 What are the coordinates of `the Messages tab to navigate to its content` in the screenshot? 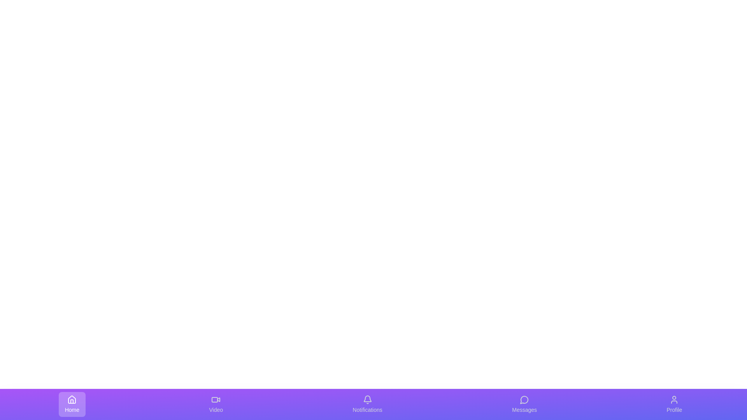 It's located at (524, 404).